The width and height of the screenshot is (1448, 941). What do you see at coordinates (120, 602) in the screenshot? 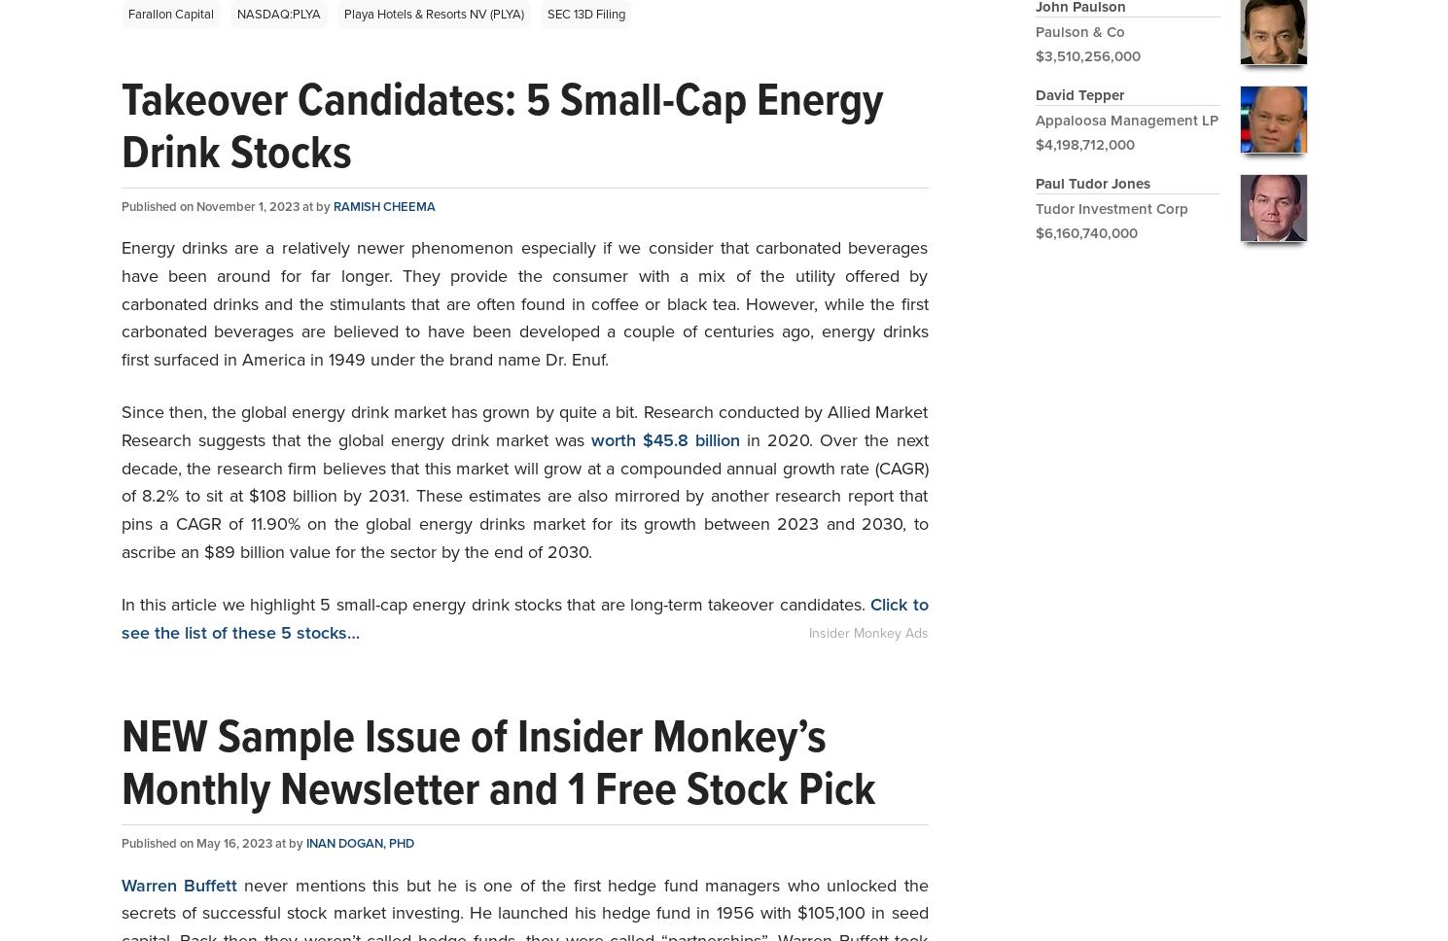
I see `'In this article we highlight 5 small-cap energy drink stocks that are long-term takeover candidates.'` at bounding box center [120, 602].